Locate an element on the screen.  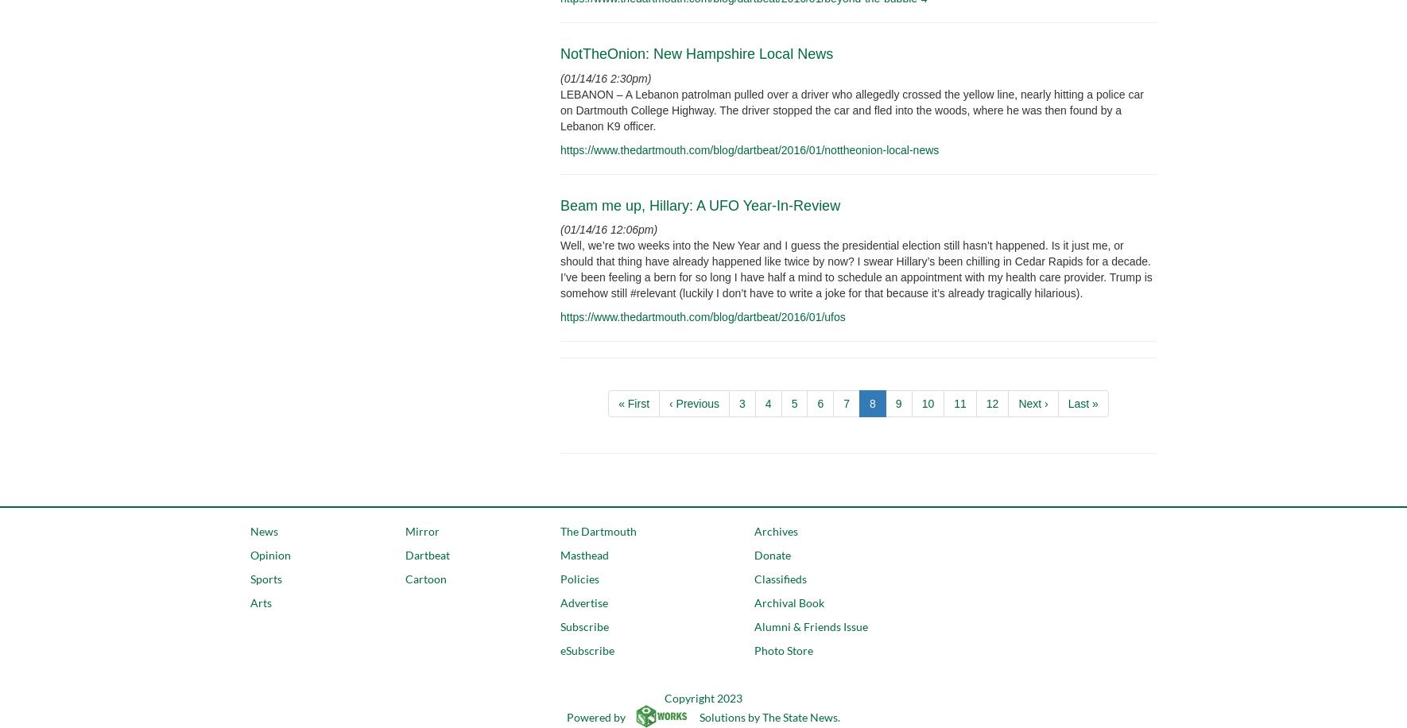
'Advertise' is located at coordinates (559, 602).